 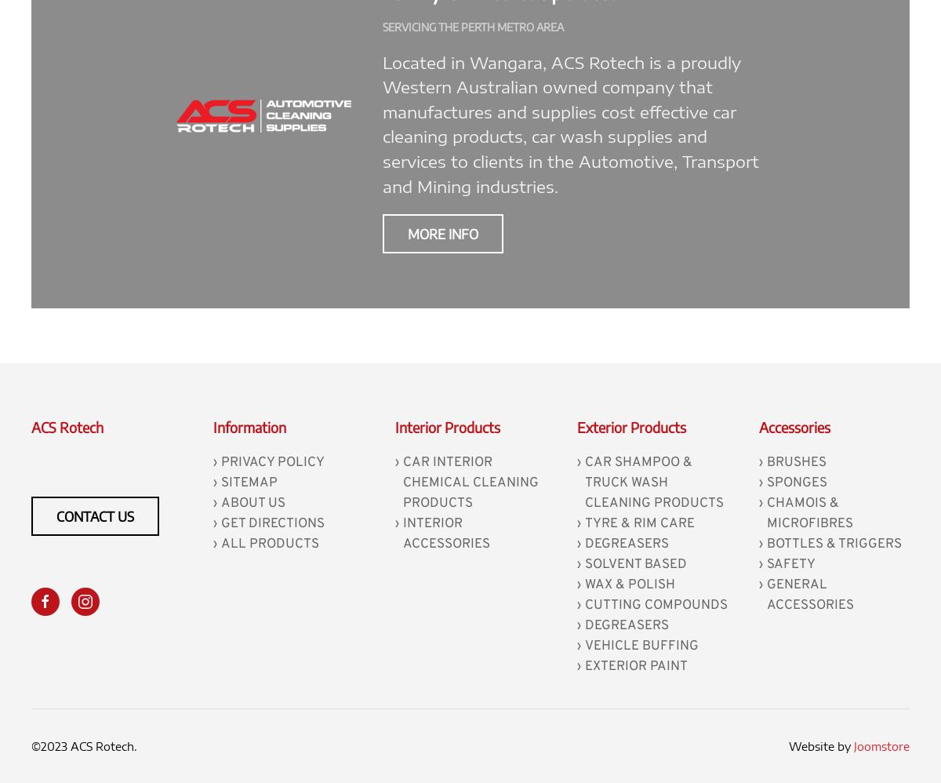 I want to click on 'Website by', so click(x=821, y=745).